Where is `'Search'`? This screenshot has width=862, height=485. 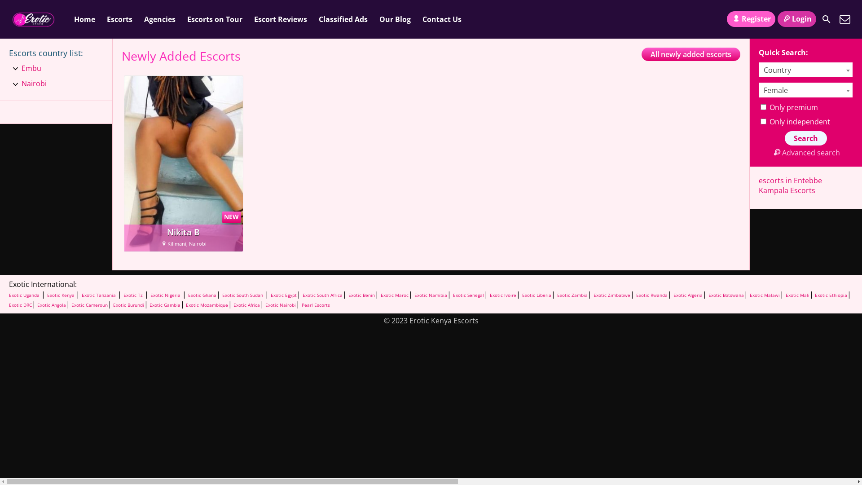
'Search' is located at coordinates (826, 19).